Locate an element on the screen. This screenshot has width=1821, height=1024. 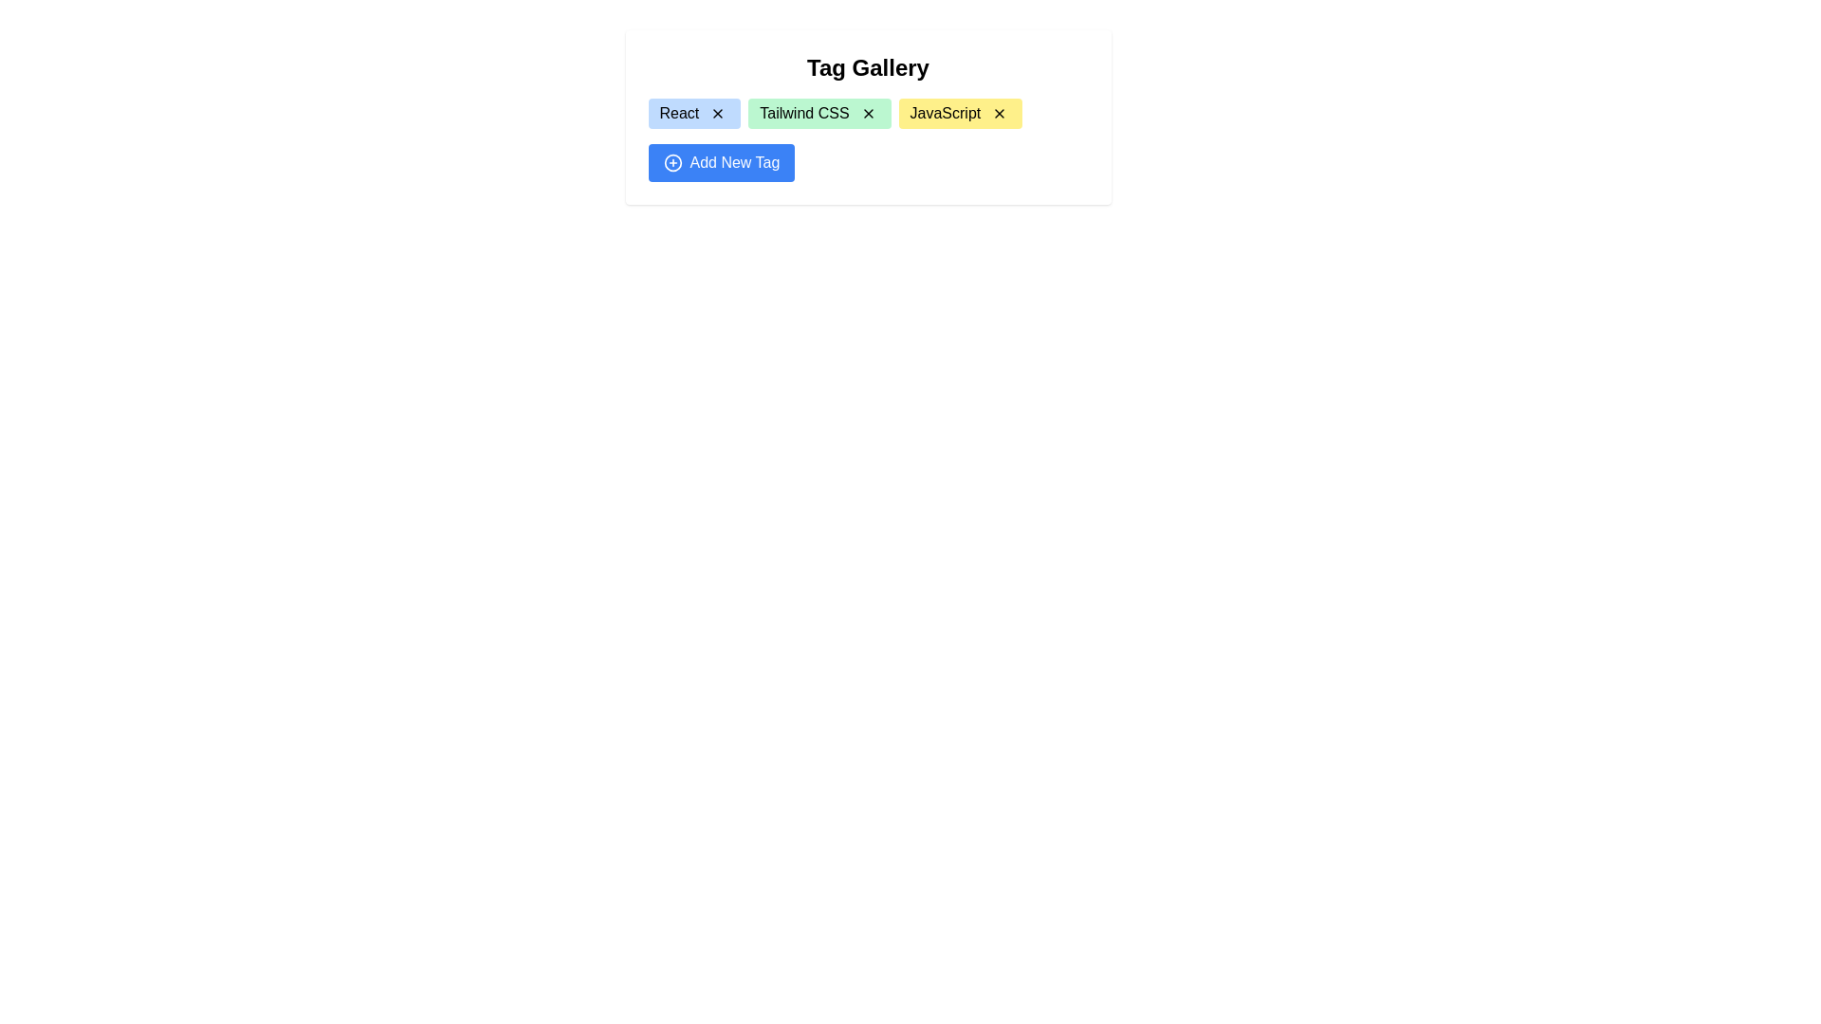
the Tag component with the text 'Tailwind CSS' and the remove button, which is styled with a green background and is the second element in a horizontal list of badges is located at coordinates (819, 113).